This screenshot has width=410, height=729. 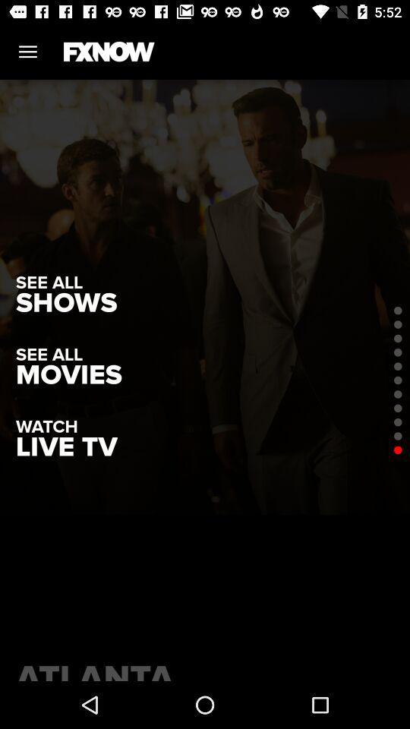 What do you see at coordinates (65, 302) in the screenshot?
I see `the shows` at bounding box center [65, 302].